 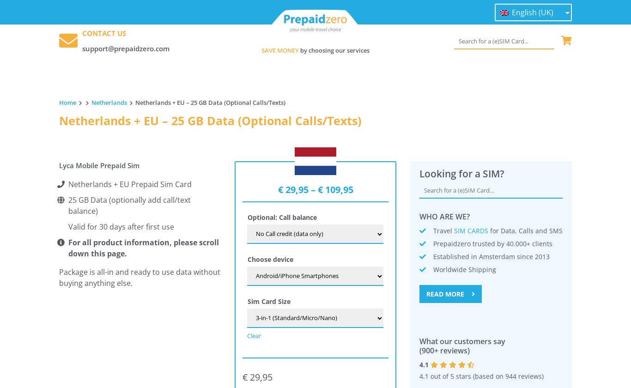 What do you see at coordinates (344, 14) in the screenshot?
I see `'Topup'` at bounding box center [344, 14].